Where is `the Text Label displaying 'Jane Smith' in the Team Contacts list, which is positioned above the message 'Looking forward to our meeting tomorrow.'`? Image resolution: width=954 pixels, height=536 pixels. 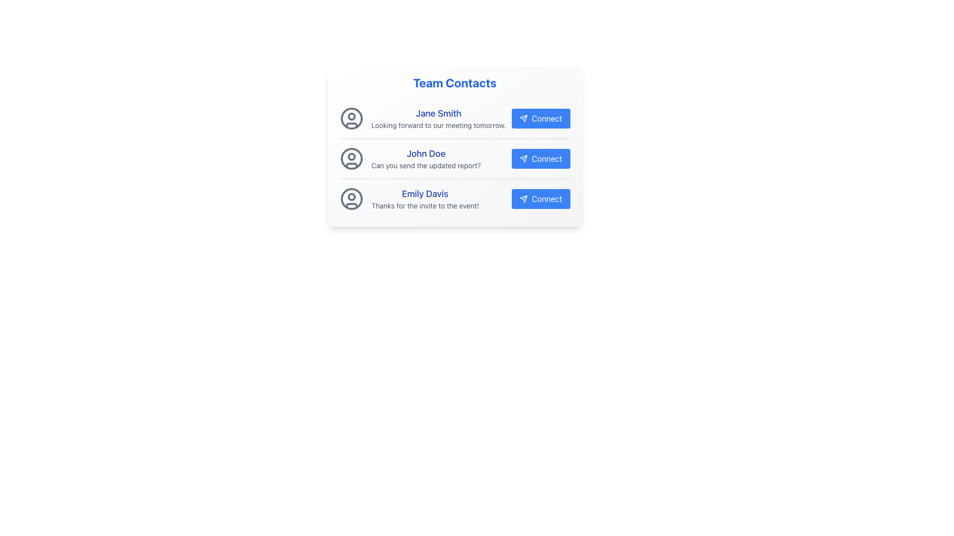
the Text Label displaying 'Jane Smith' in the Team Contacts list, which is positioned above the message 'Looking forward to our meeting tomorrow.' is located at coordinates (438, 113).